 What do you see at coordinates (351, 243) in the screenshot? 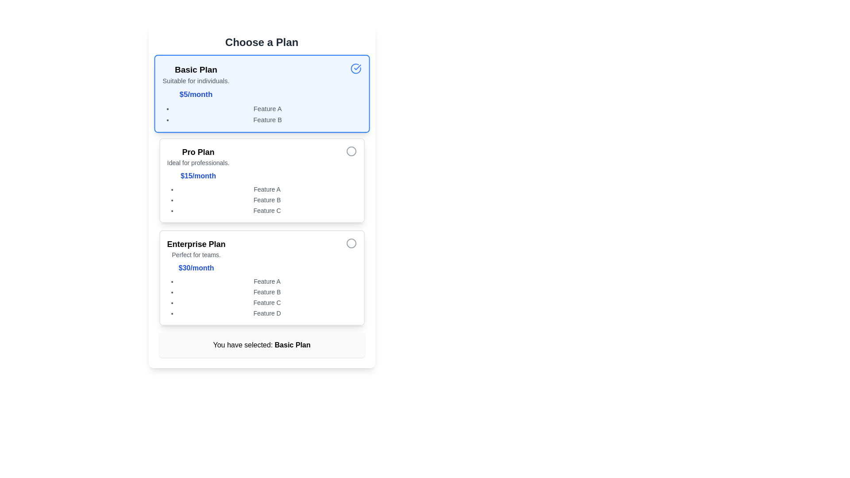
I see `the circular outline styled icon located at the top-right corner of the 'Enterprise Plan' section` at bounding box center [351, 243].